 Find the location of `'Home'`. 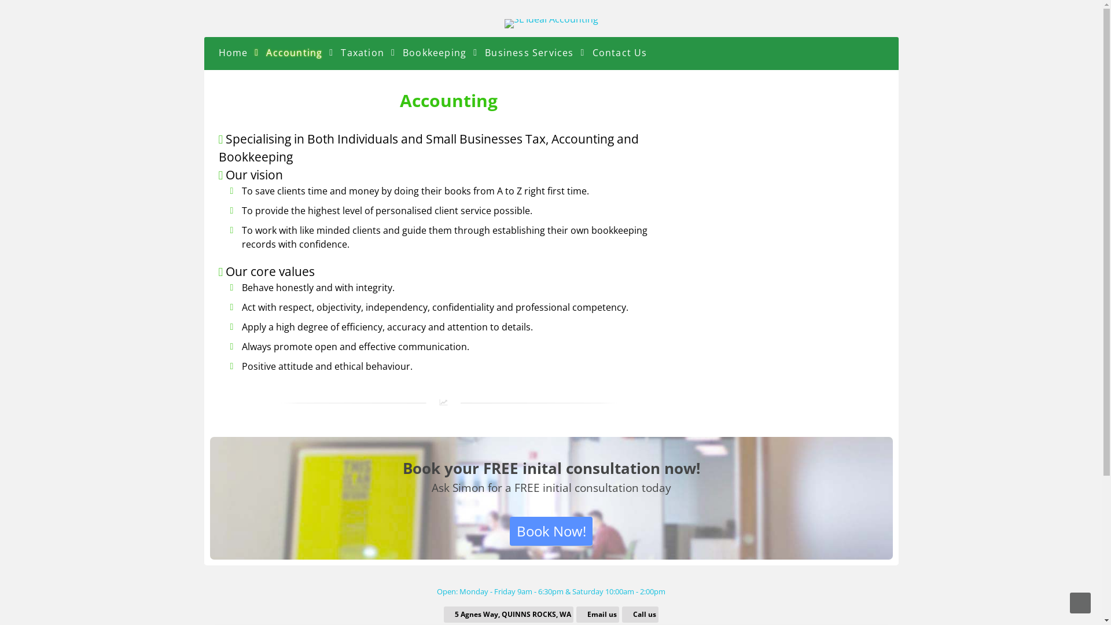

'Home' is located at coordinates (232, 51).